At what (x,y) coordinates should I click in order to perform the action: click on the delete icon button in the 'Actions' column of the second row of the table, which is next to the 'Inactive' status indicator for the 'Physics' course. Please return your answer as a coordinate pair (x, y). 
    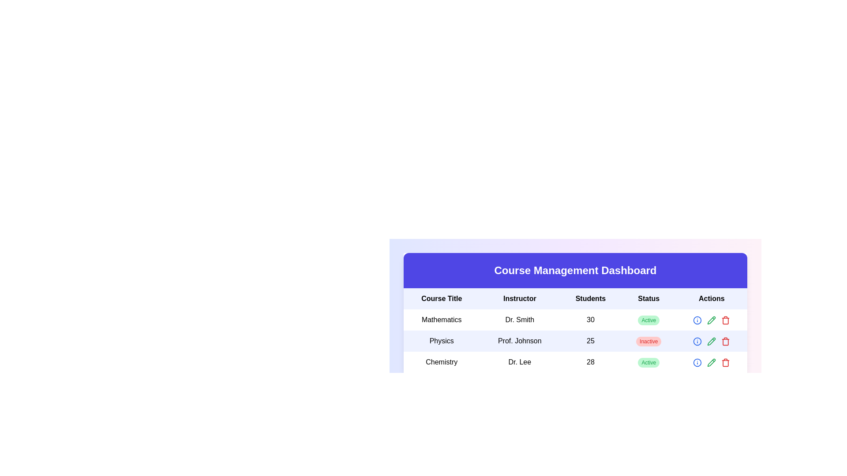
    Looking at the image, I should click on (726, 341).